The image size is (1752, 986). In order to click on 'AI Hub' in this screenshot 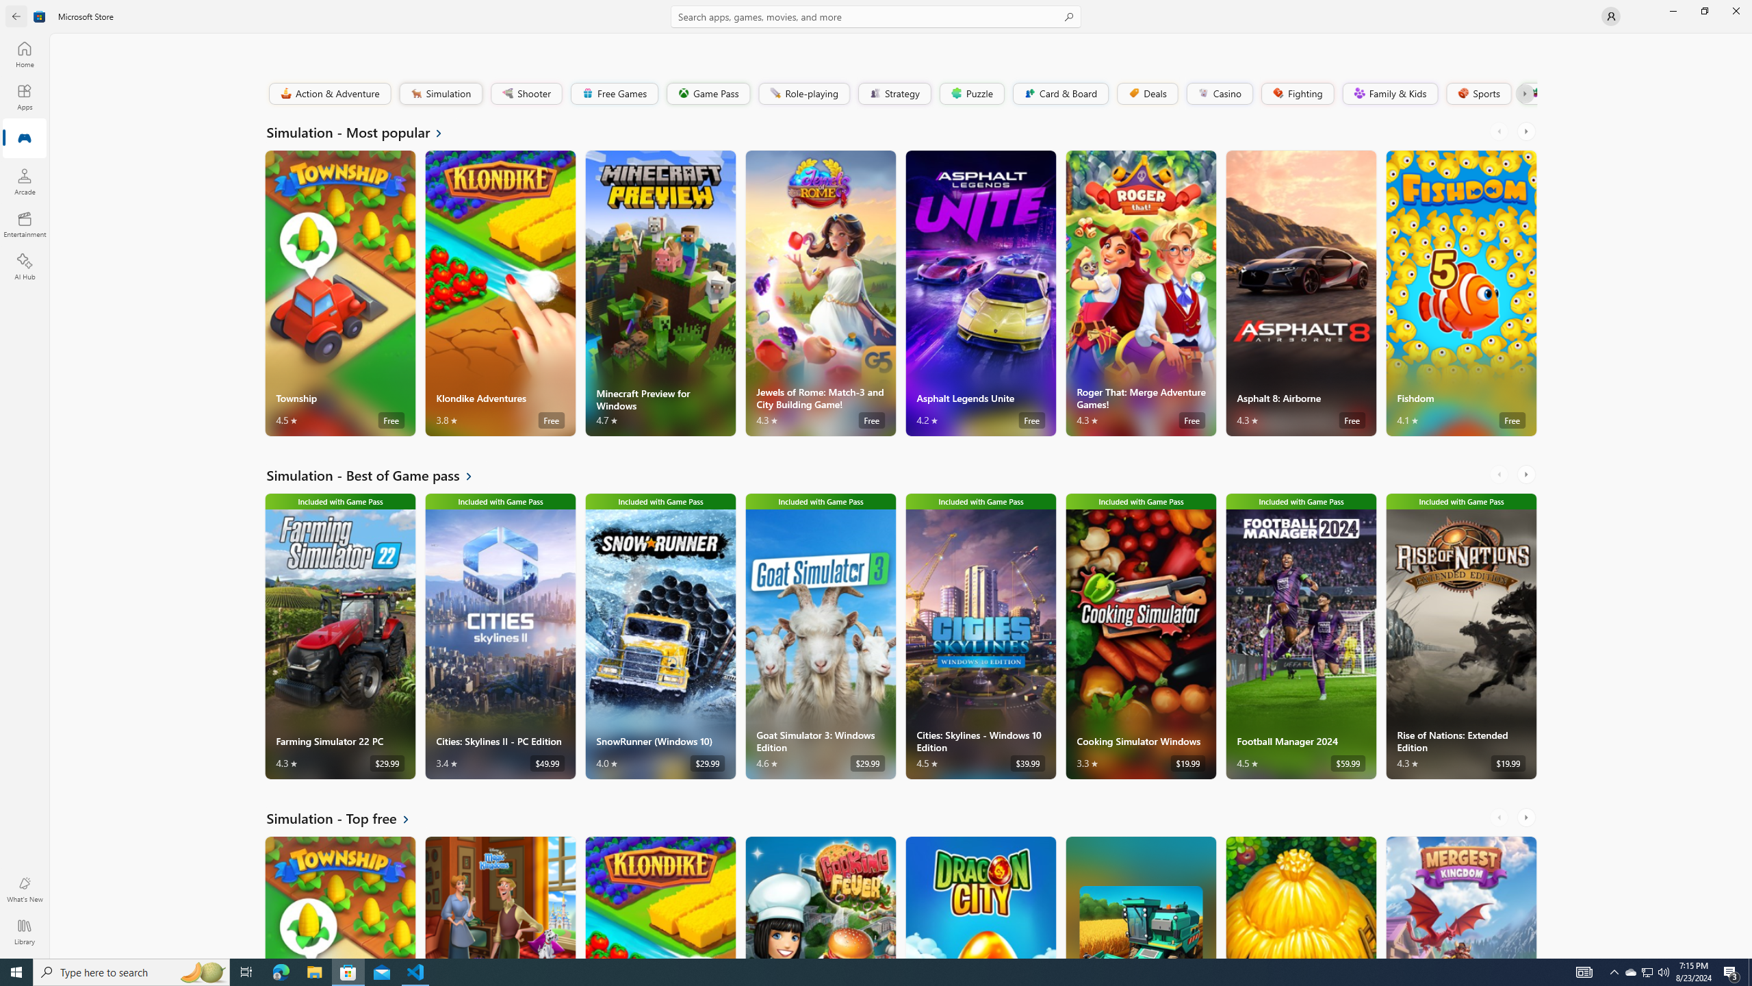, I will do `click(23, 266)`.